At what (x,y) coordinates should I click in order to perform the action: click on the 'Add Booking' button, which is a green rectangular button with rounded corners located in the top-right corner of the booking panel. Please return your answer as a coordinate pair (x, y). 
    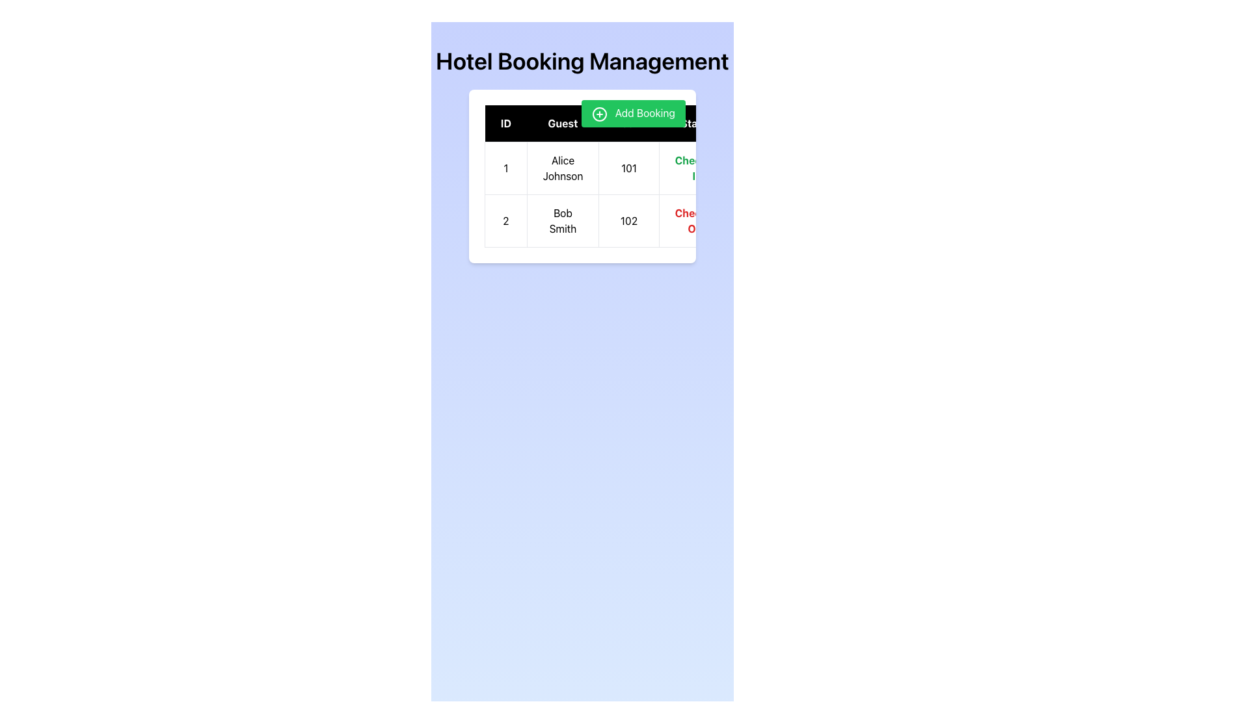
    Looking at the image, I should click on (633, 112).